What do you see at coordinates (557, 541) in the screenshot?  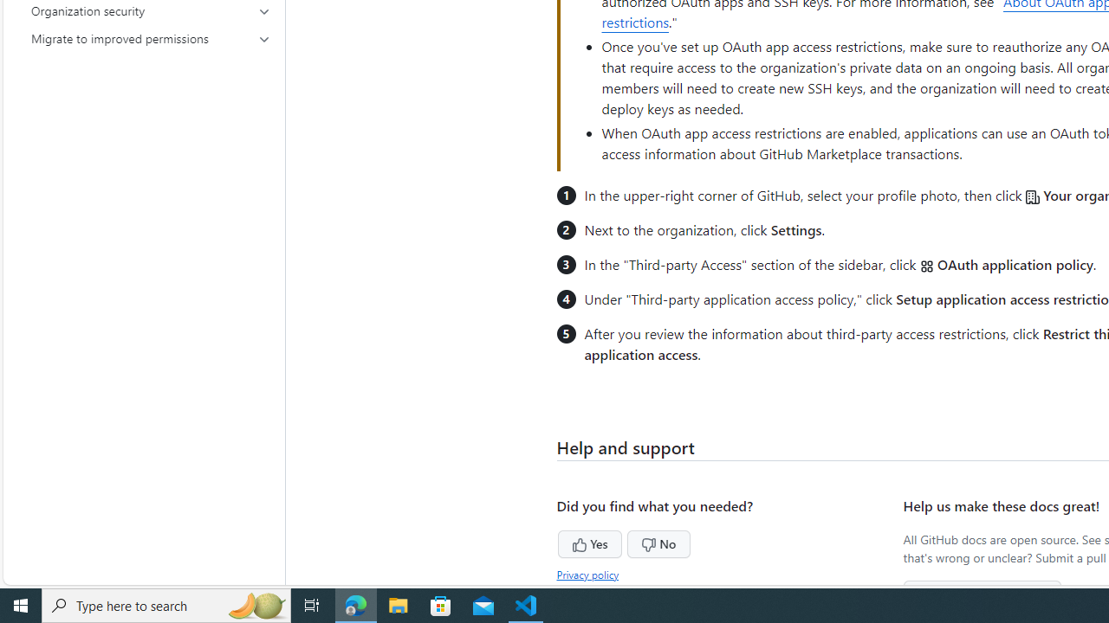 I see `'Yes'` at bounding box center [557, 541].